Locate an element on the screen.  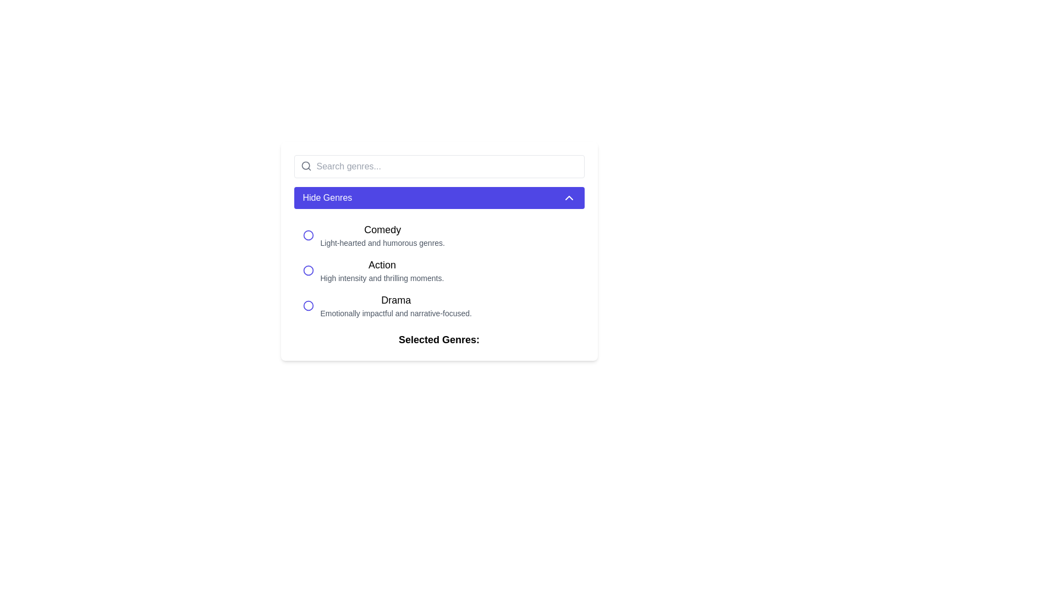
the radio button is located at coordinates (308, 235).